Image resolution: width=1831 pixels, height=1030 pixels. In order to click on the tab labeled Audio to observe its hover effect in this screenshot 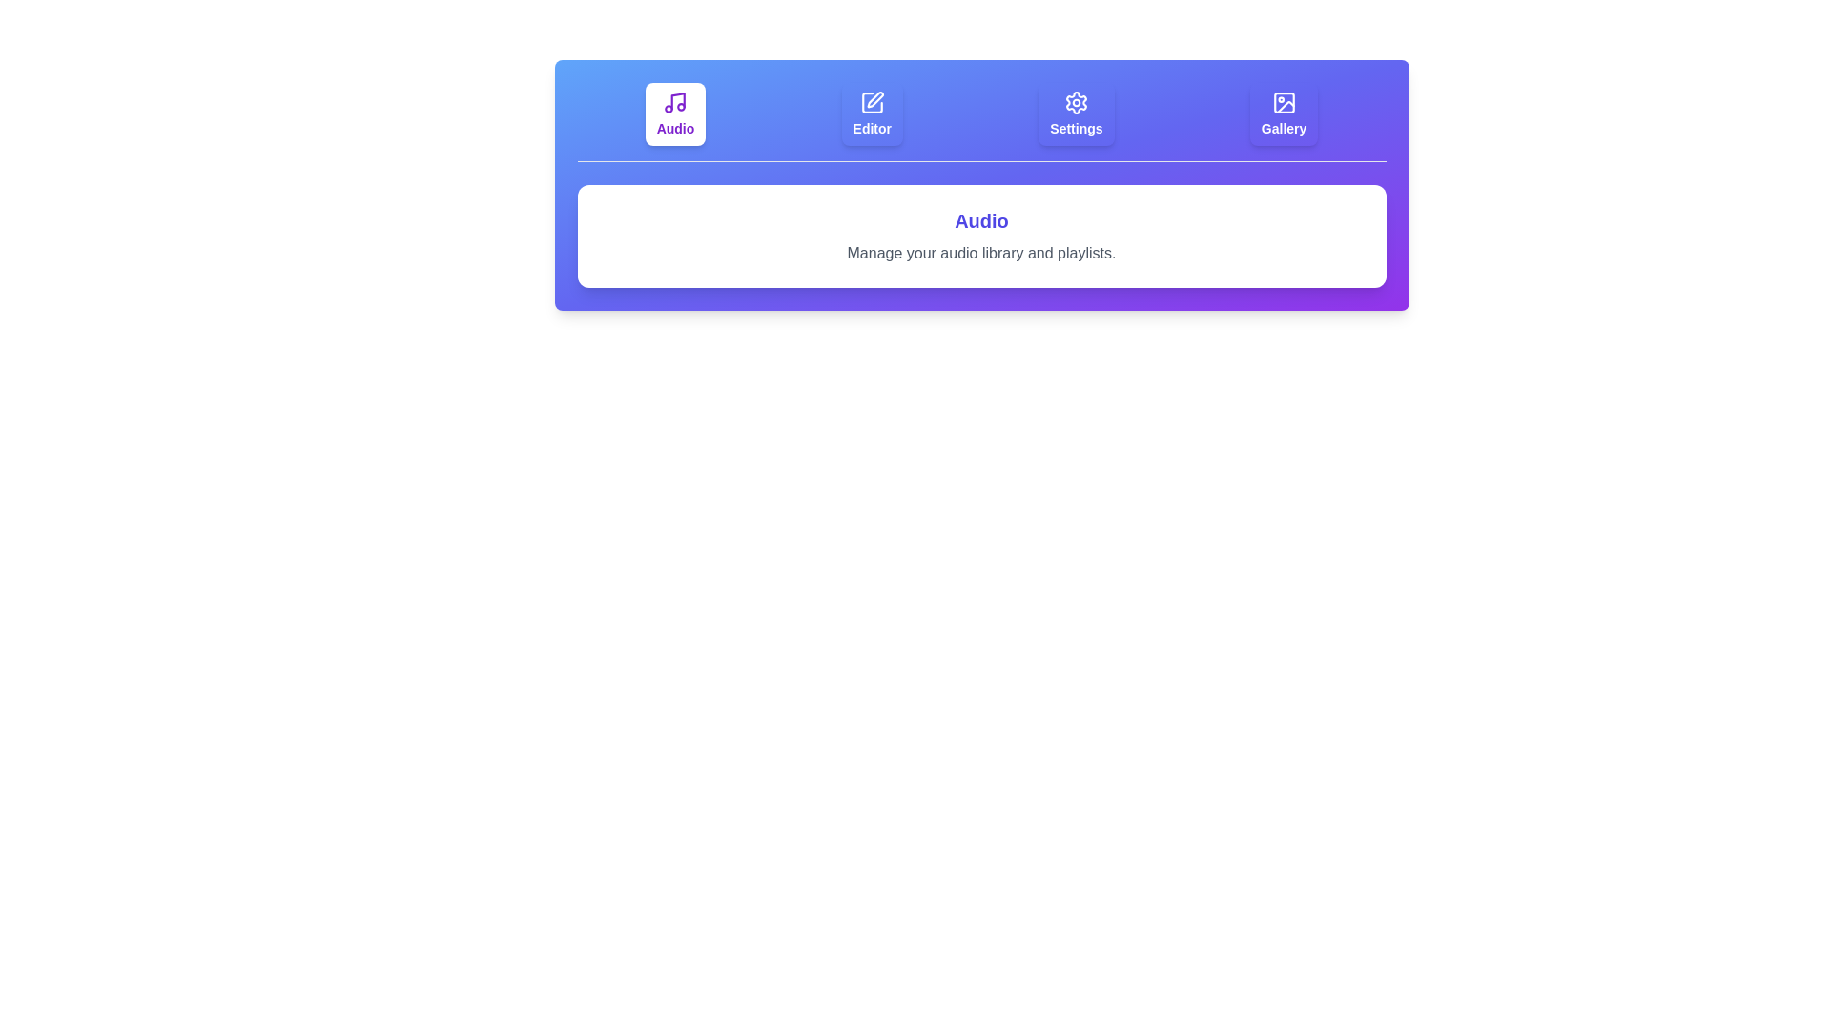, I will do `click(675, 113)`.